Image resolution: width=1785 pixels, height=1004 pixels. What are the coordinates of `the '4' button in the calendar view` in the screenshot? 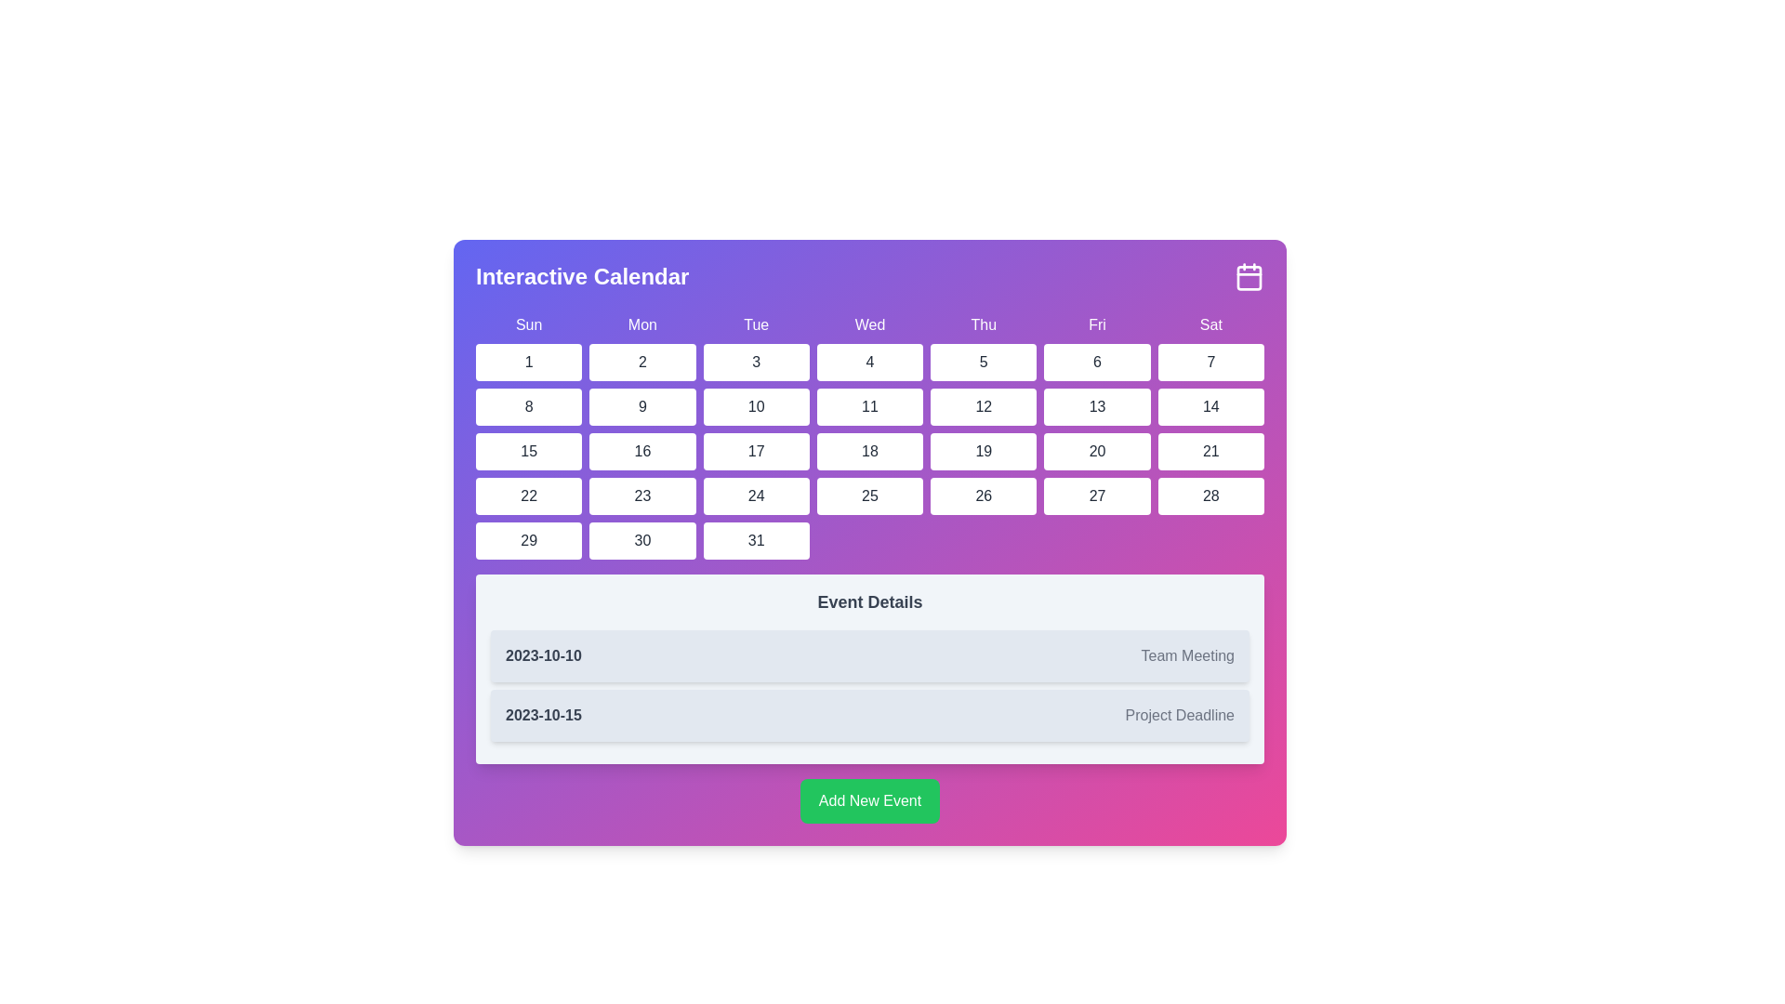 It's located at (869, 362).